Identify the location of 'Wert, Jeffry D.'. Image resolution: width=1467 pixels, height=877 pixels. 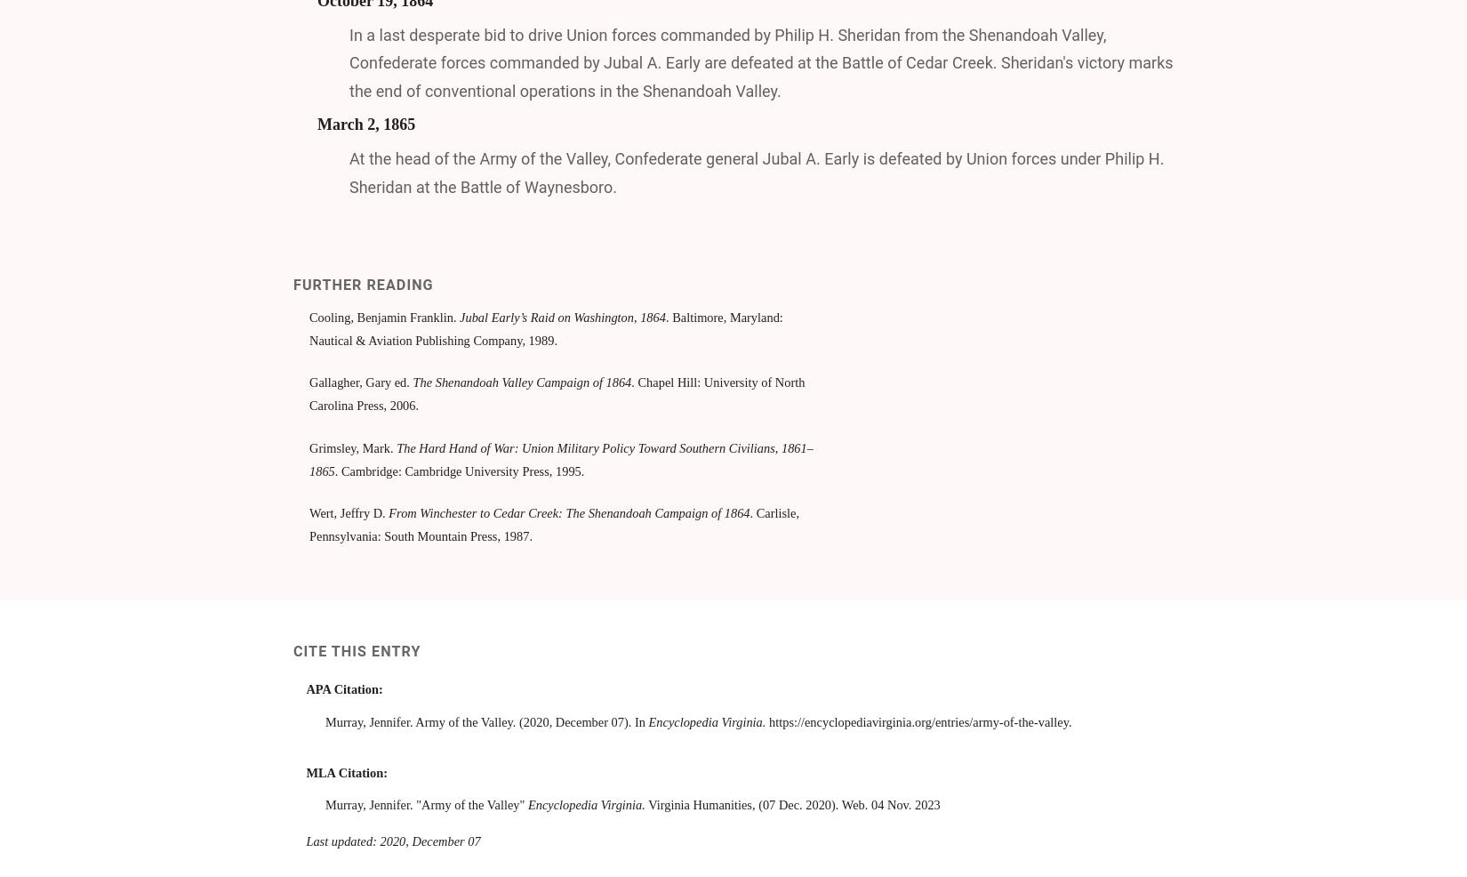
(349, 513).